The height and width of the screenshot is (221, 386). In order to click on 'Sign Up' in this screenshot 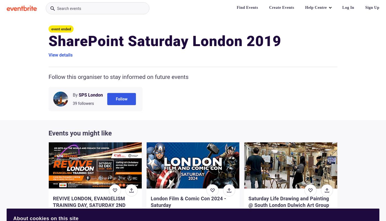, I will do `click(372, 7)`.